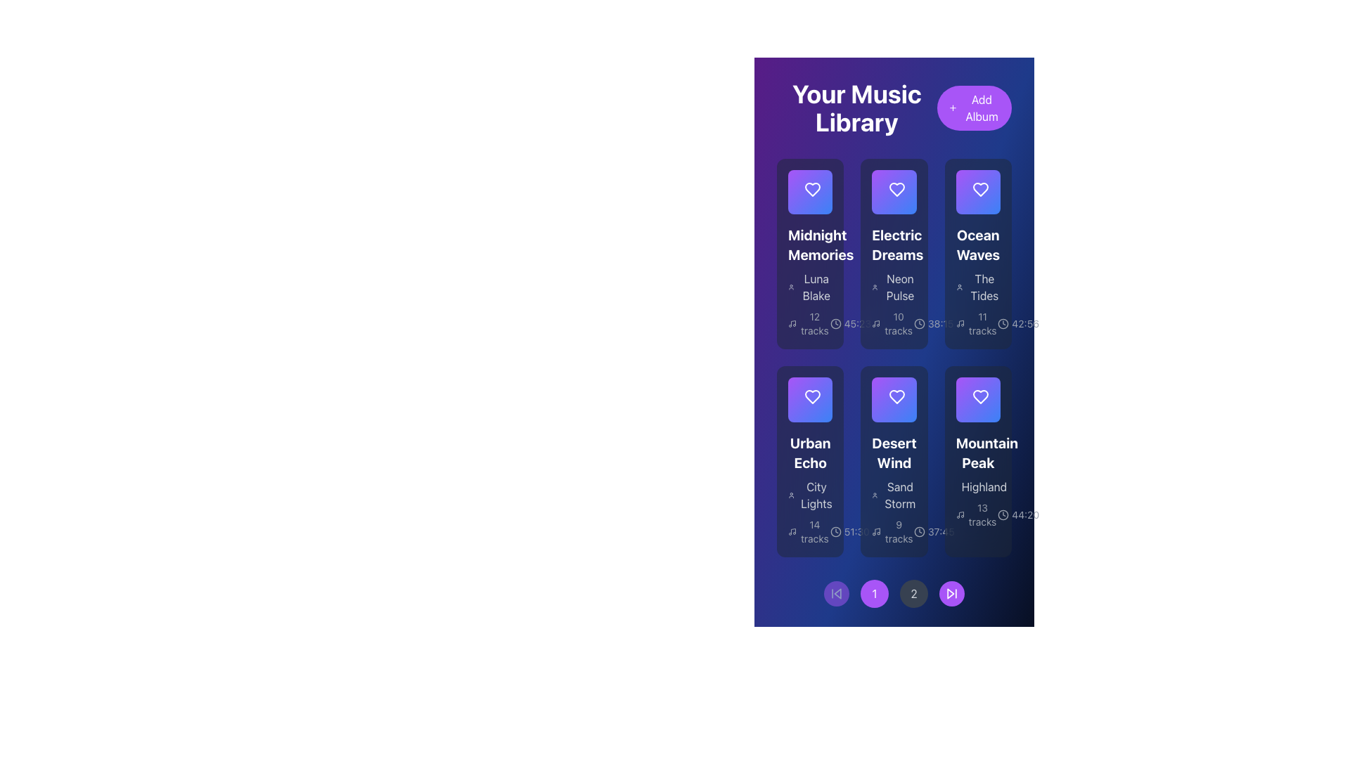 The width and height of the screenshot is (1350, 759). I want to click on text displayed in the Text Label that shows the duration of the 'Electric Dreams' album, positioned below the album card and next to the clock icon, so click(856, 324).